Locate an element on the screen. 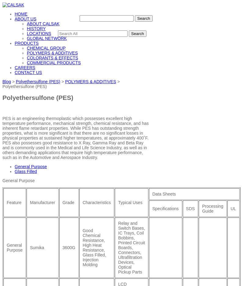 The width and height of the screenshot is (249, 286). '> Polyethersulfone (PES)' is located at coordinates (61, 83).